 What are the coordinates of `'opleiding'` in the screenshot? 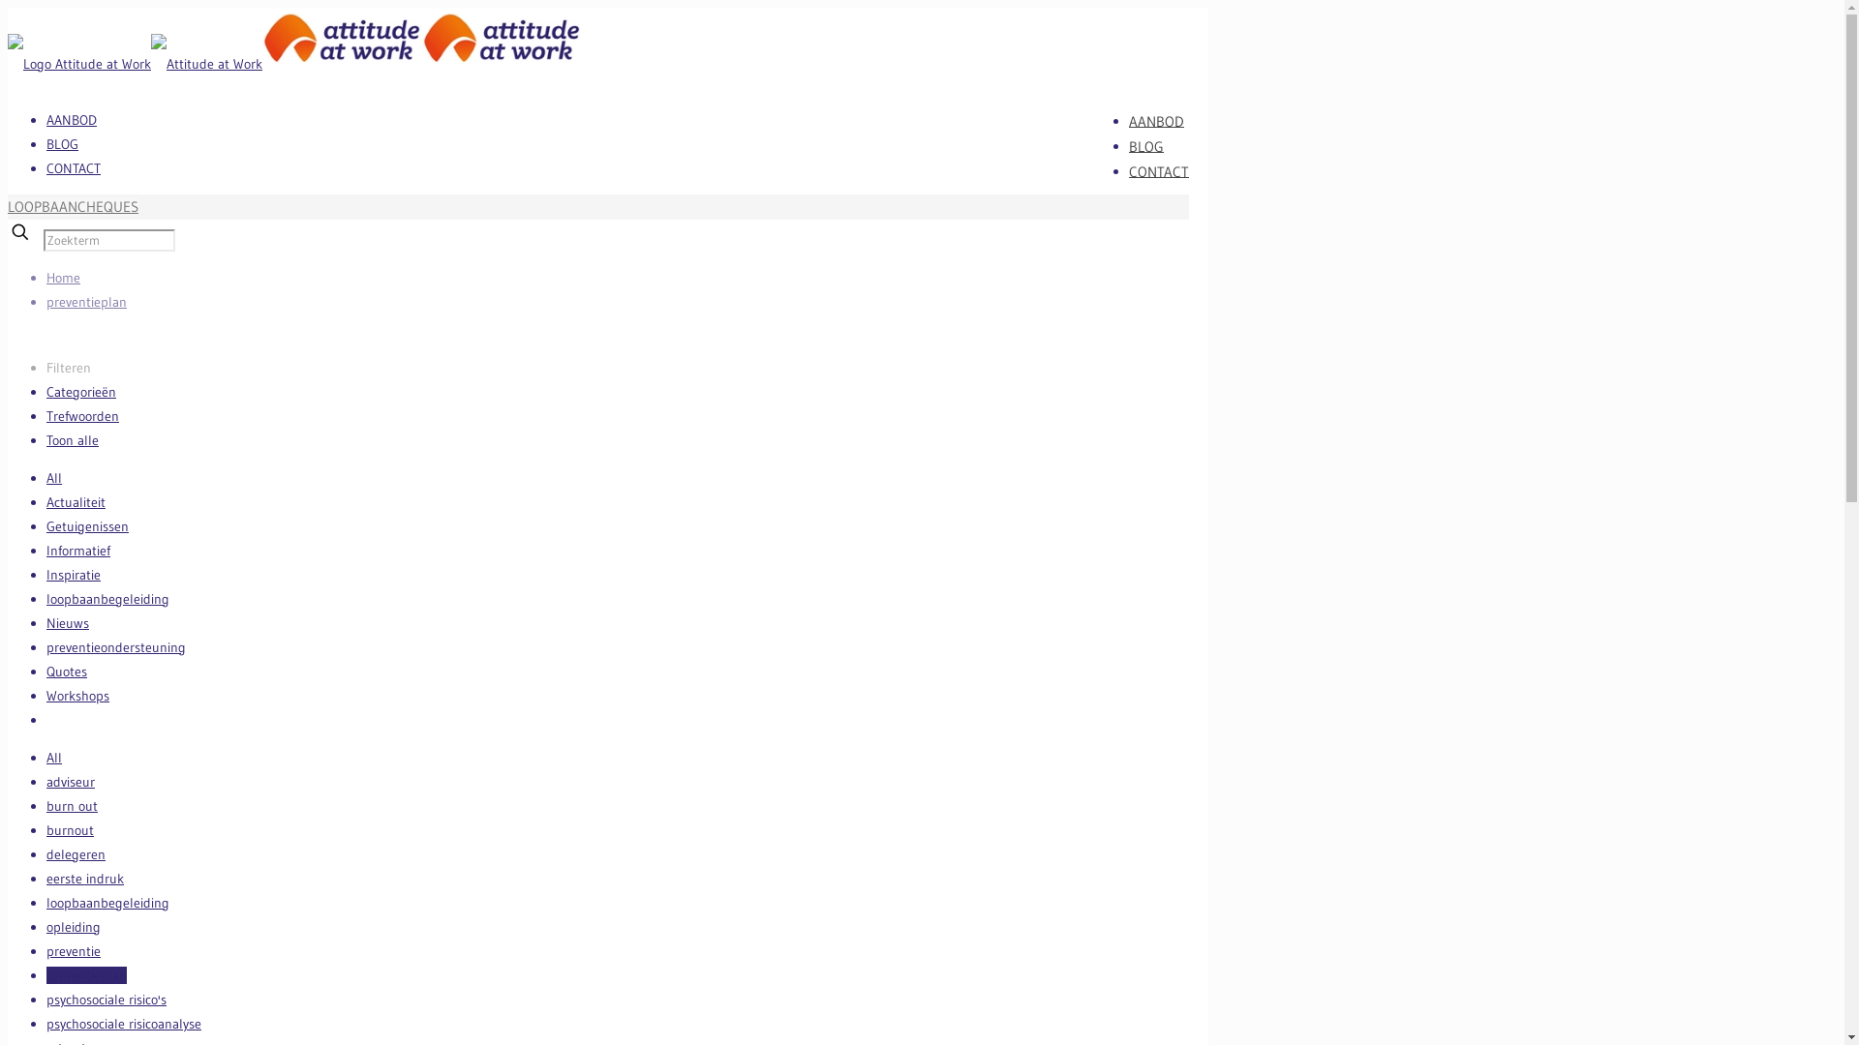 It's located at (74, 925).